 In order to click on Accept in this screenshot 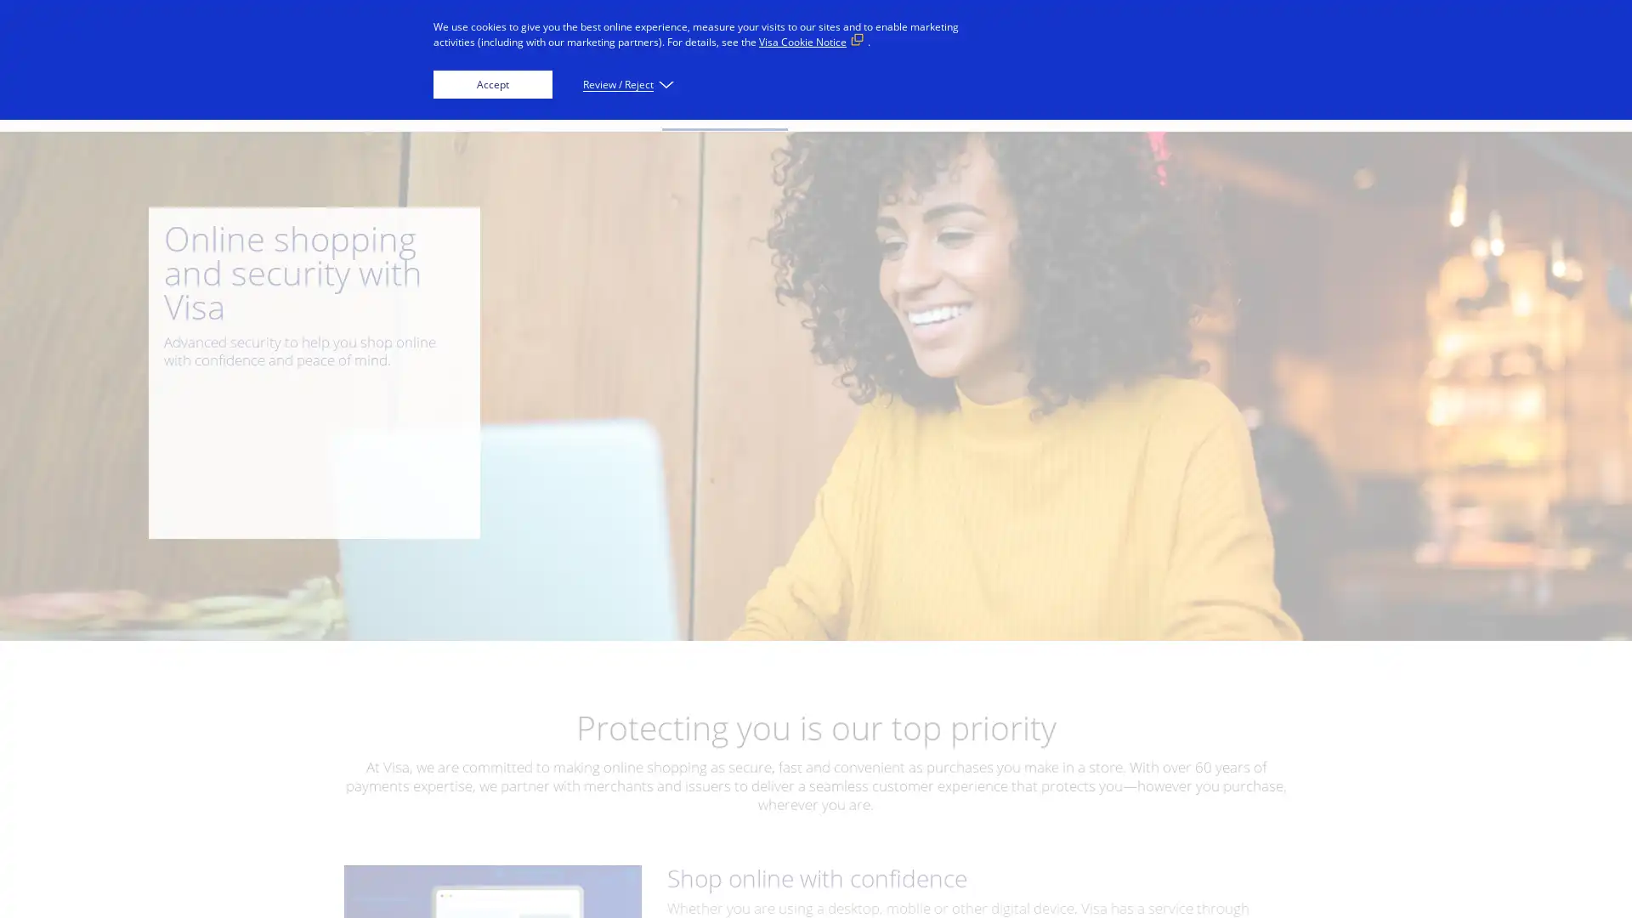, I will do `click(492, 84)`.